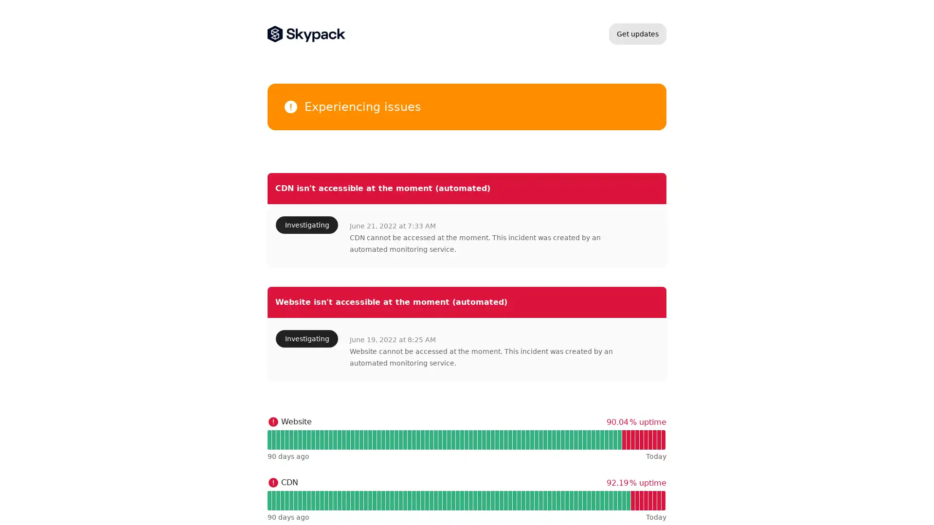 The image size is (934, 525). I want to click on Get updates, so click(637, 33).